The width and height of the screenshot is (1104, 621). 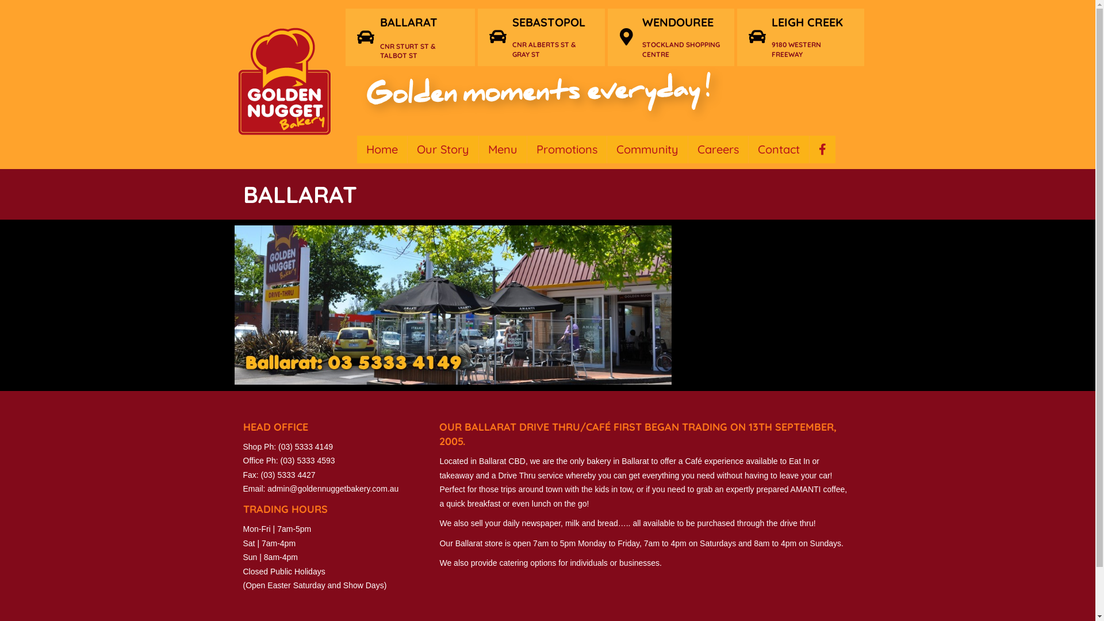 I want to click on 'Contact', so click(x=779, y=148).